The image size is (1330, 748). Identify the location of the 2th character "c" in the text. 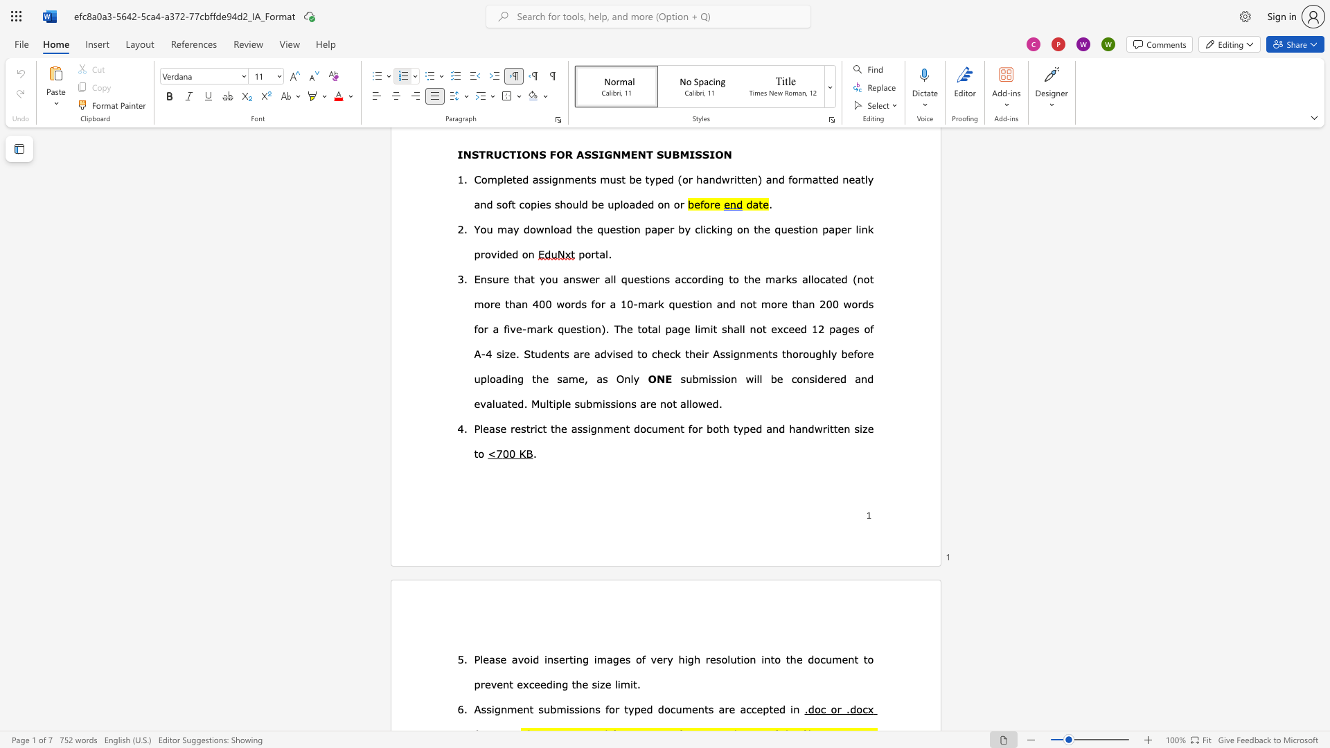
(648, 427).